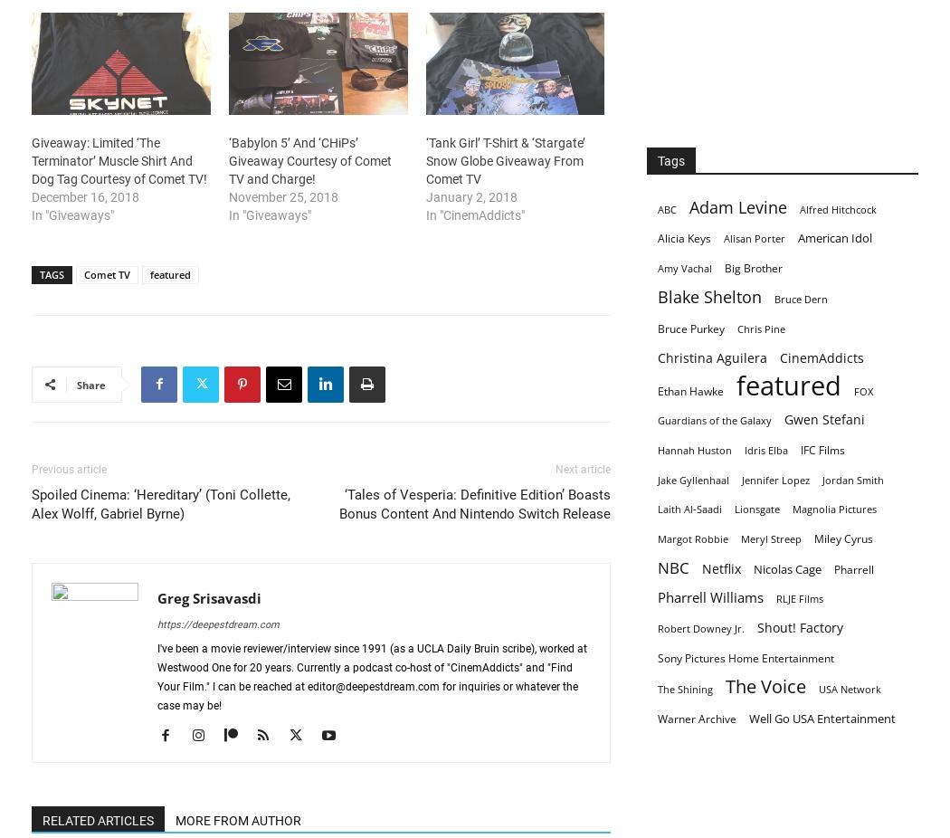 Image resolution: width=950 pixels, height=838 pixels. What do you see at coordinates (689, 205) in the screenshot?
I see `'Adam Levine'` at bounding box center [689, 205].